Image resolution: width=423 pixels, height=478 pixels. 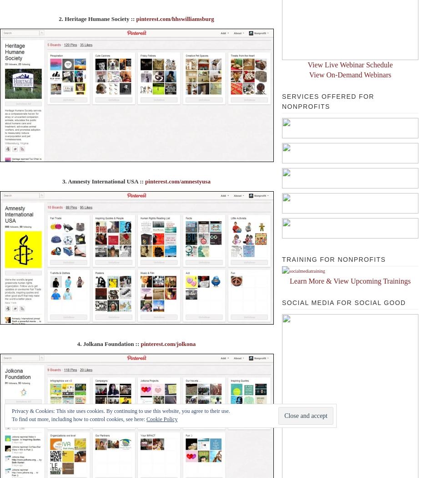 I want to click on 'Training for Nonprofits', so click(x=333, y=259).